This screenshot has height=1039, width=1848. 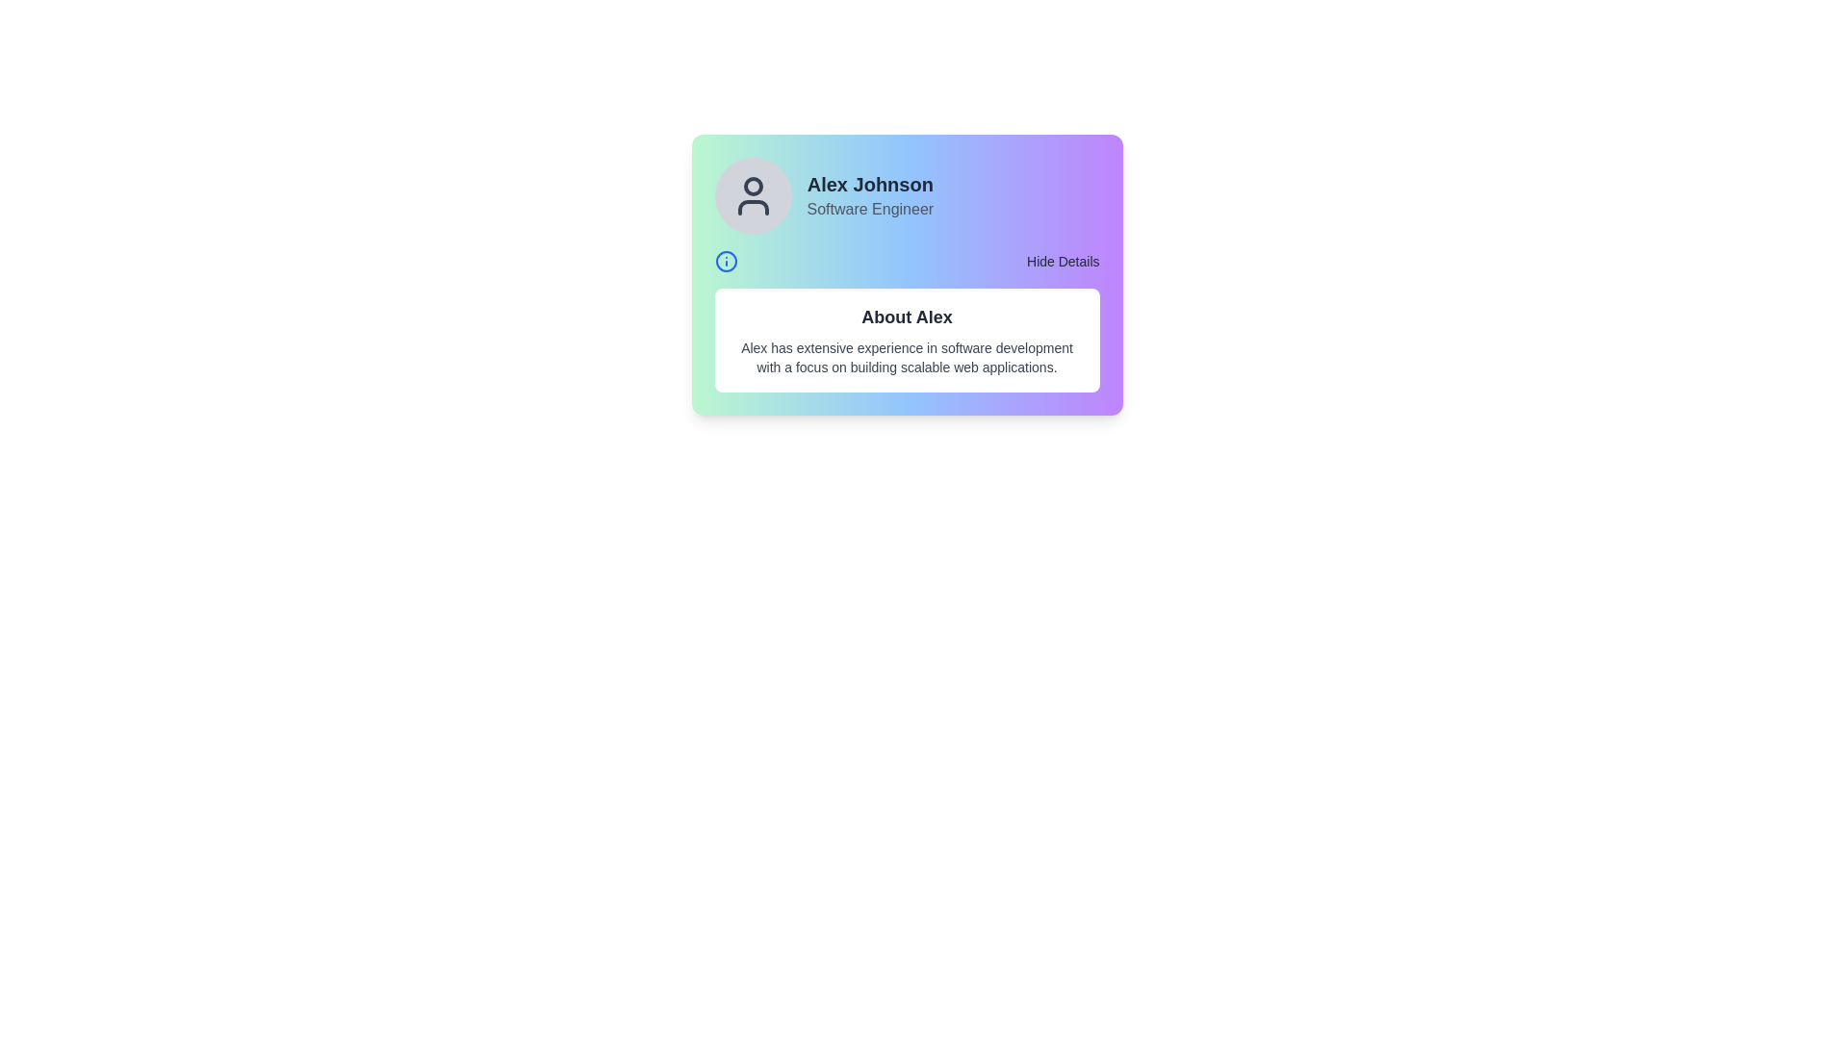 What do you see at coordinates (725, 262) in the screenshot?
I see `the circular icon with a blue outline located on the left side of the 'Hide Details' text` at bounding box center [725, 262].